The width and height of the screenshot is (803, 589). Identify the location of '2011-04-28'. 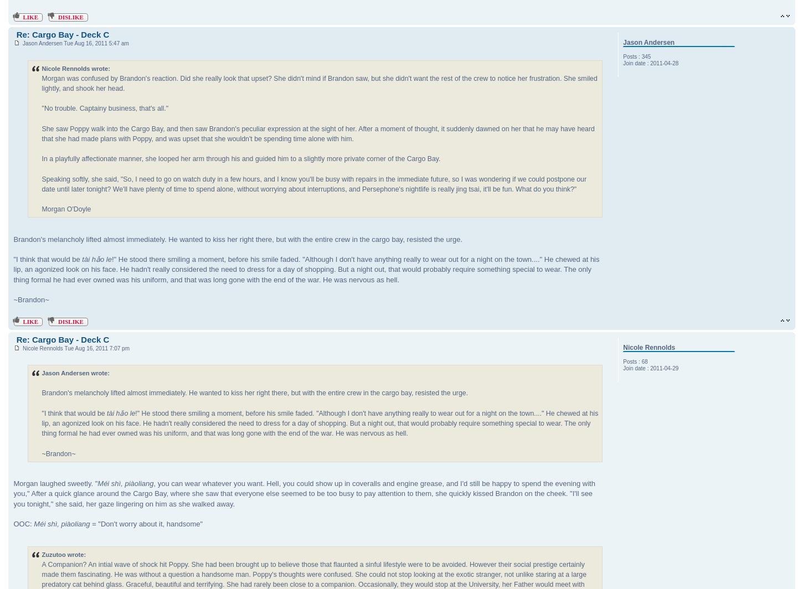
(663, 63).